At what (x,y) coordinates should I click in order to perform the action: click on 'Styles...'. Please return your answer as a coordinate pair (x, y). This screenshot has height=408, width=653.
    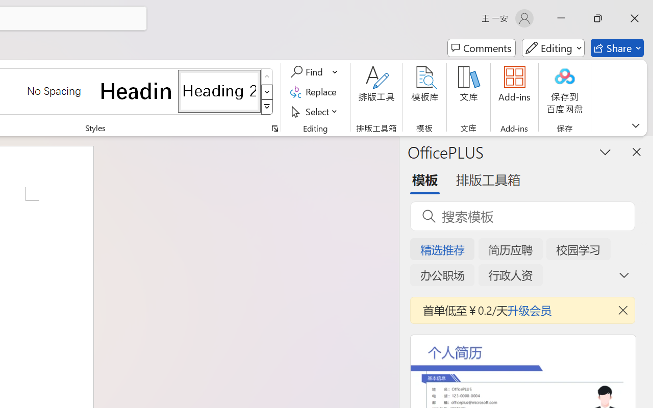
    Looking at the image, I should click on (274, 128).